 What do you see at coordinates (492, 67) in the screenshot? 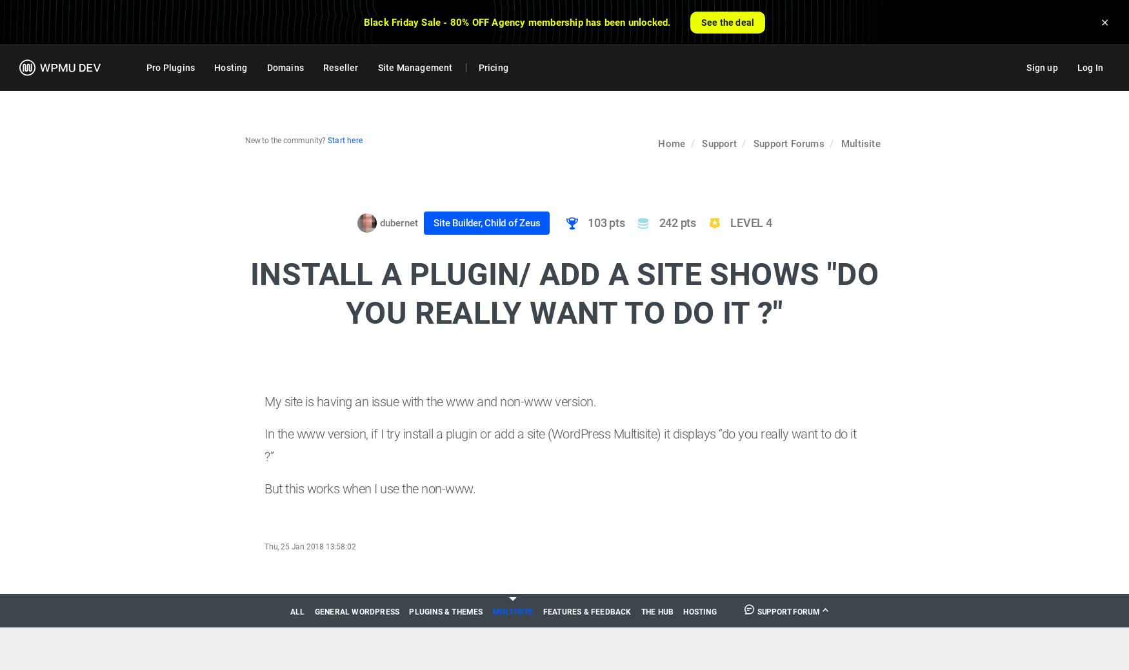
I see `'Pricing'` at bounding box center [492, 67].